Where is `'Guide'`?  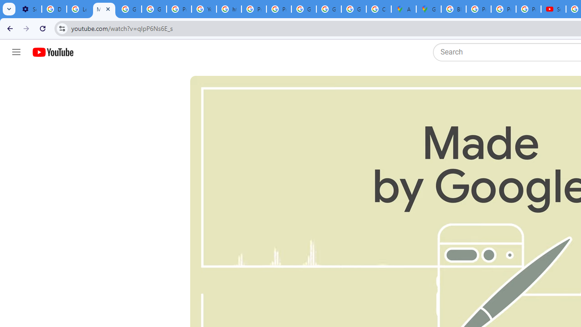 'Guide' is located at coordinates (16, 52).